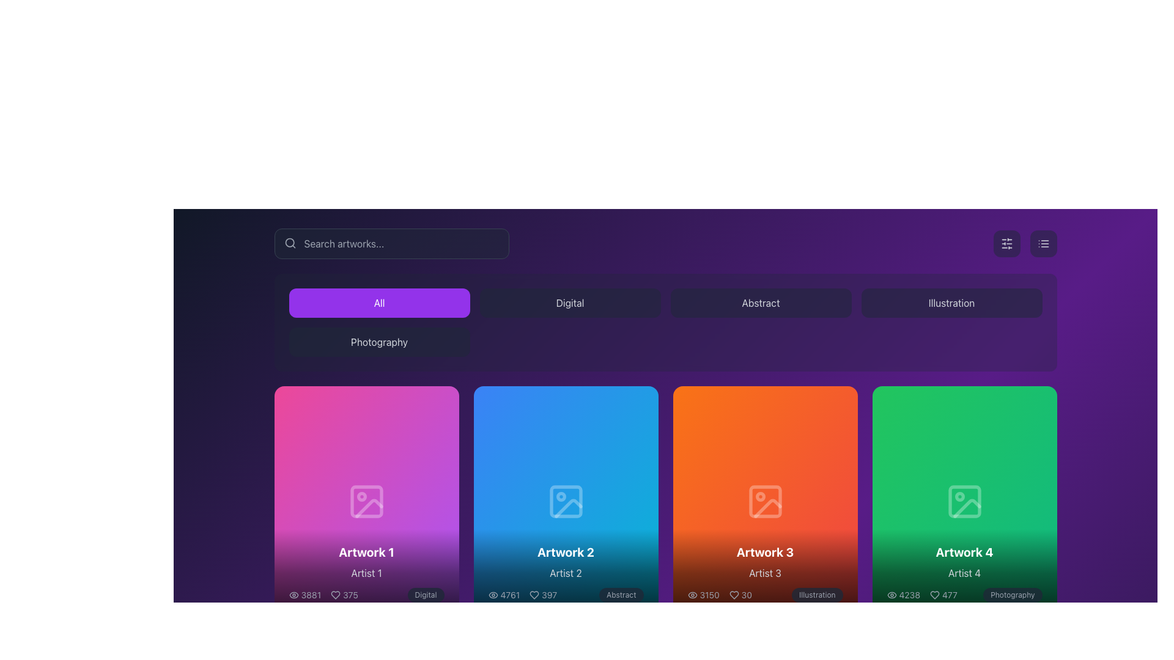 This screenshot has width=1174, height=660. Describe the element at coordinates (764, 501) in the screenshot. I see `on the icon centrally located within the orange card labeled 'Artwork 3', which indicates an image or artwork` at that location.